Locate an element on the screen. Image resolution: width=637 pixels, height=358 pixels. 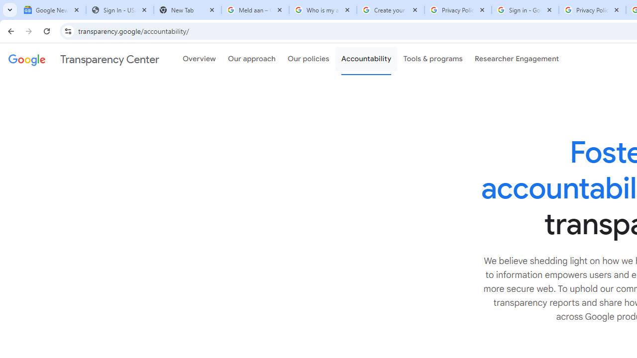
'Transparency Center' is located at coordinates (84, 59).